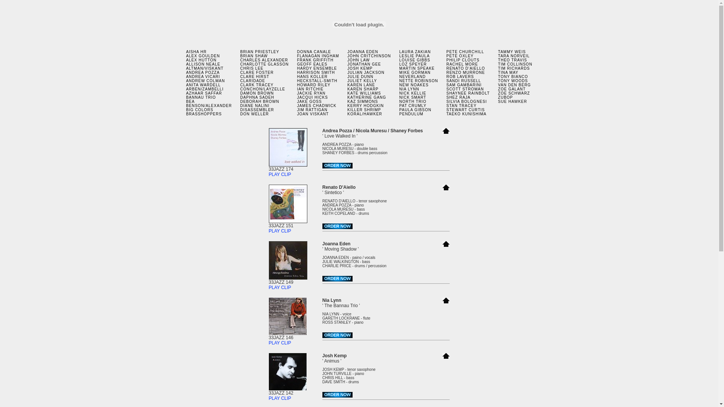 This screenshot has height=407, width=724. I want to click on 'JONATHAN GEE', so click(364, 64).